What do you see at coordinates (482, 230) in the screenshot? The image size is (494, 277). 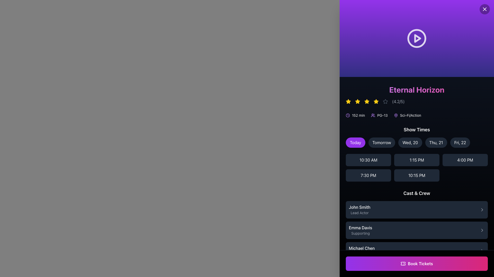 I see `the right-pointing chevron SVG icon located at the far right side of the box containing the texts 'Emma Davis' and 'Supporting'` at bounding box center [482, 230].